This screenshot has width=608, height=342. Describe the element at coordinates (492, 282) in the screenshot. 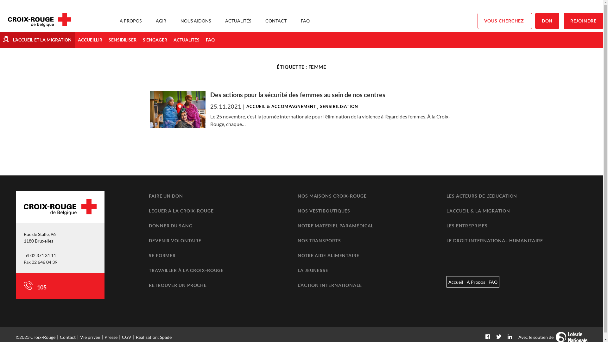

I see `'FAQ'` at that location.